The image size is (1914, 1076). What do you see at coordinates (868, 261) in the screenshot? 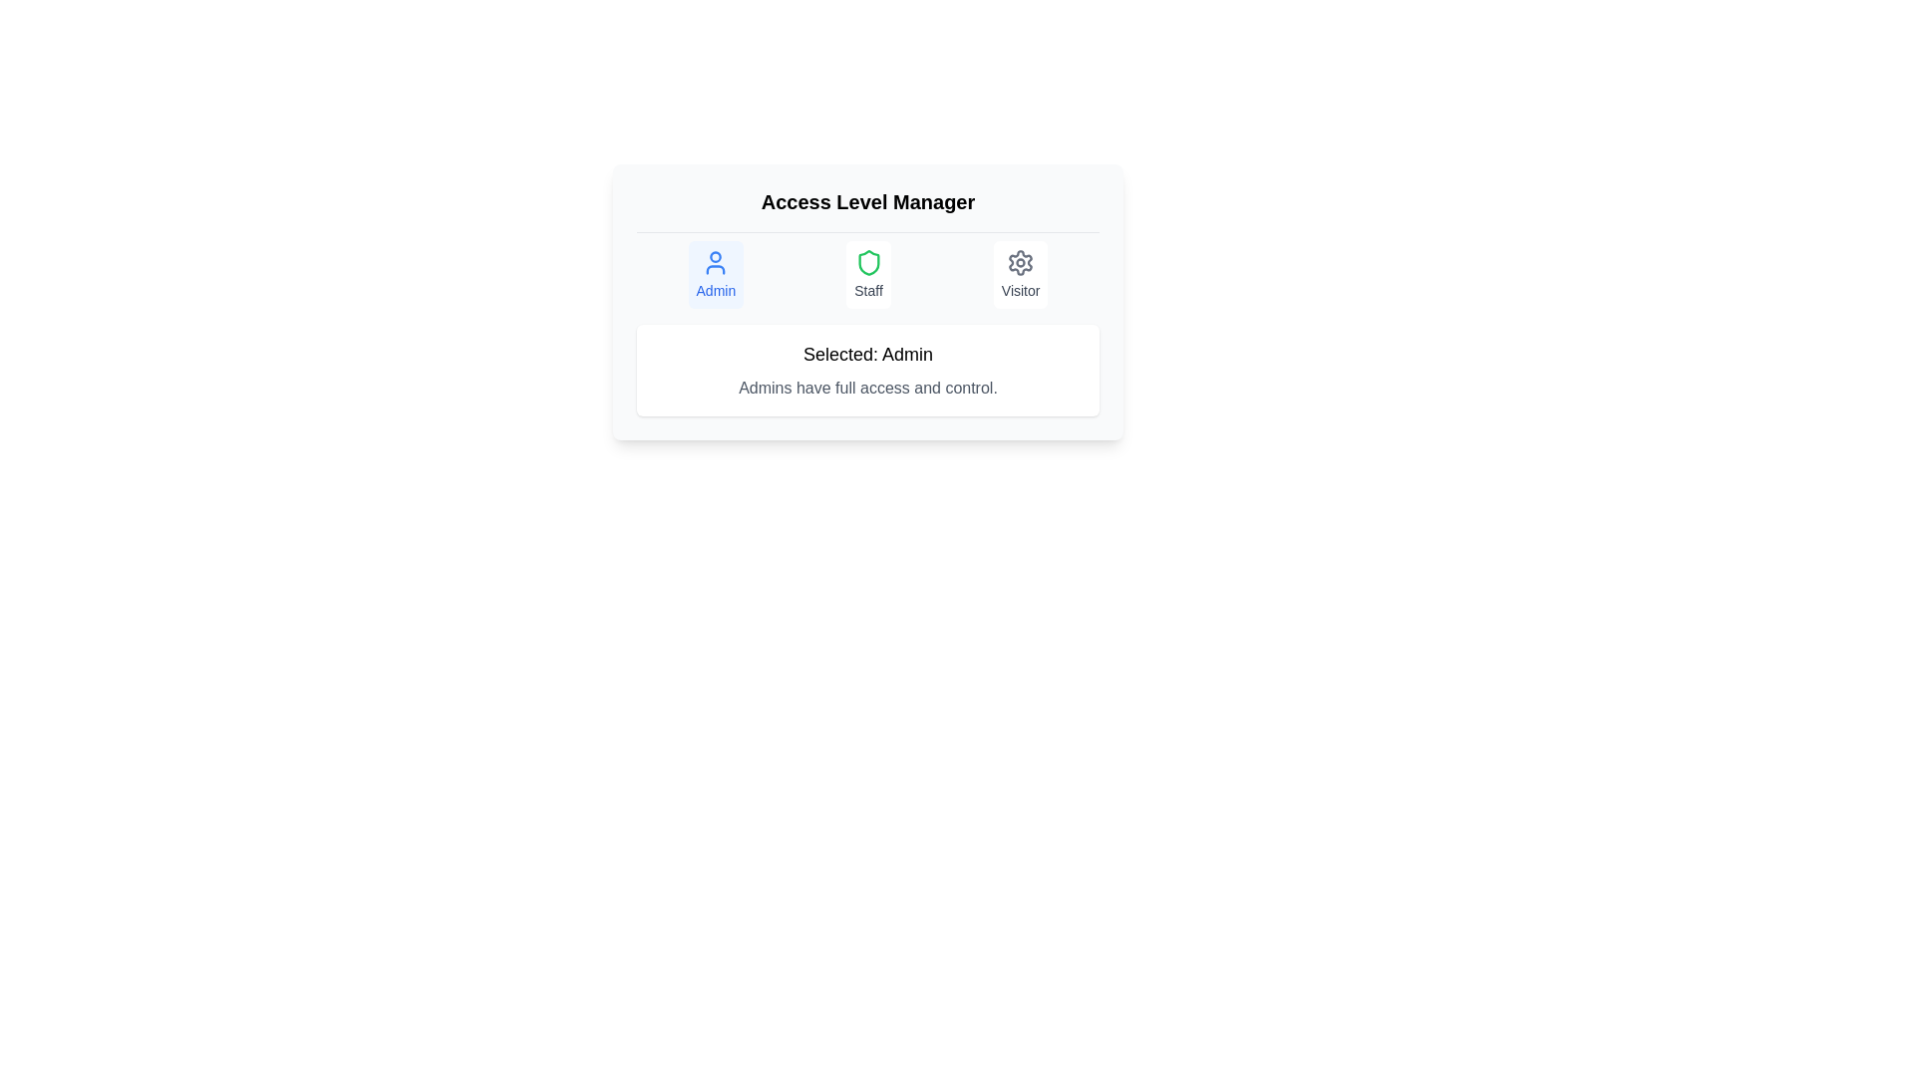
I see `the green shield-shaped icon located in the 'Access Level Manager' section above the 'Staff' text, which is part of the role selection interface` at bounding box center [868, 261].